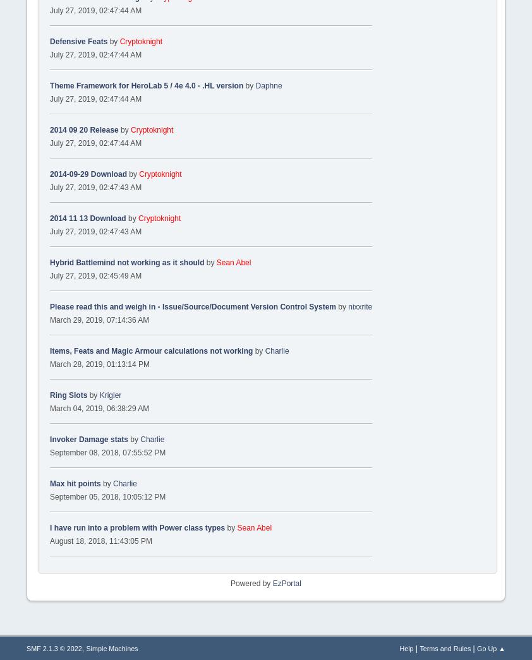 This screenshot has width=532, height=660. Describe the element at coordinates (107, 452) in the screenshot. I see `'September 08, 2018, 07:55:52 PM'` at that location.